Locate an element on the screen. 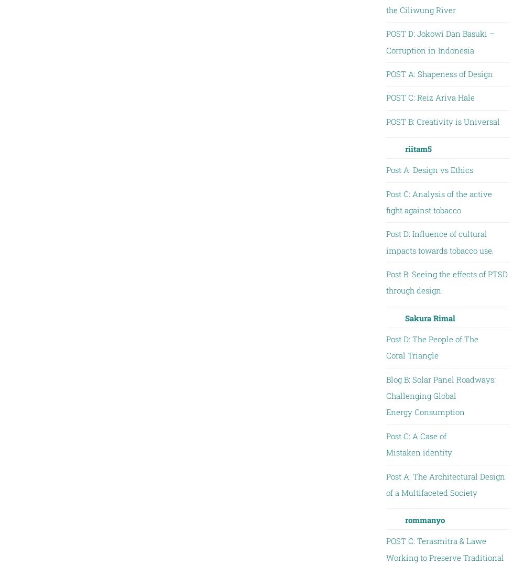 This screenshot has height=565, width=524. 'rommanyo' is located at coordinates (424, 519).